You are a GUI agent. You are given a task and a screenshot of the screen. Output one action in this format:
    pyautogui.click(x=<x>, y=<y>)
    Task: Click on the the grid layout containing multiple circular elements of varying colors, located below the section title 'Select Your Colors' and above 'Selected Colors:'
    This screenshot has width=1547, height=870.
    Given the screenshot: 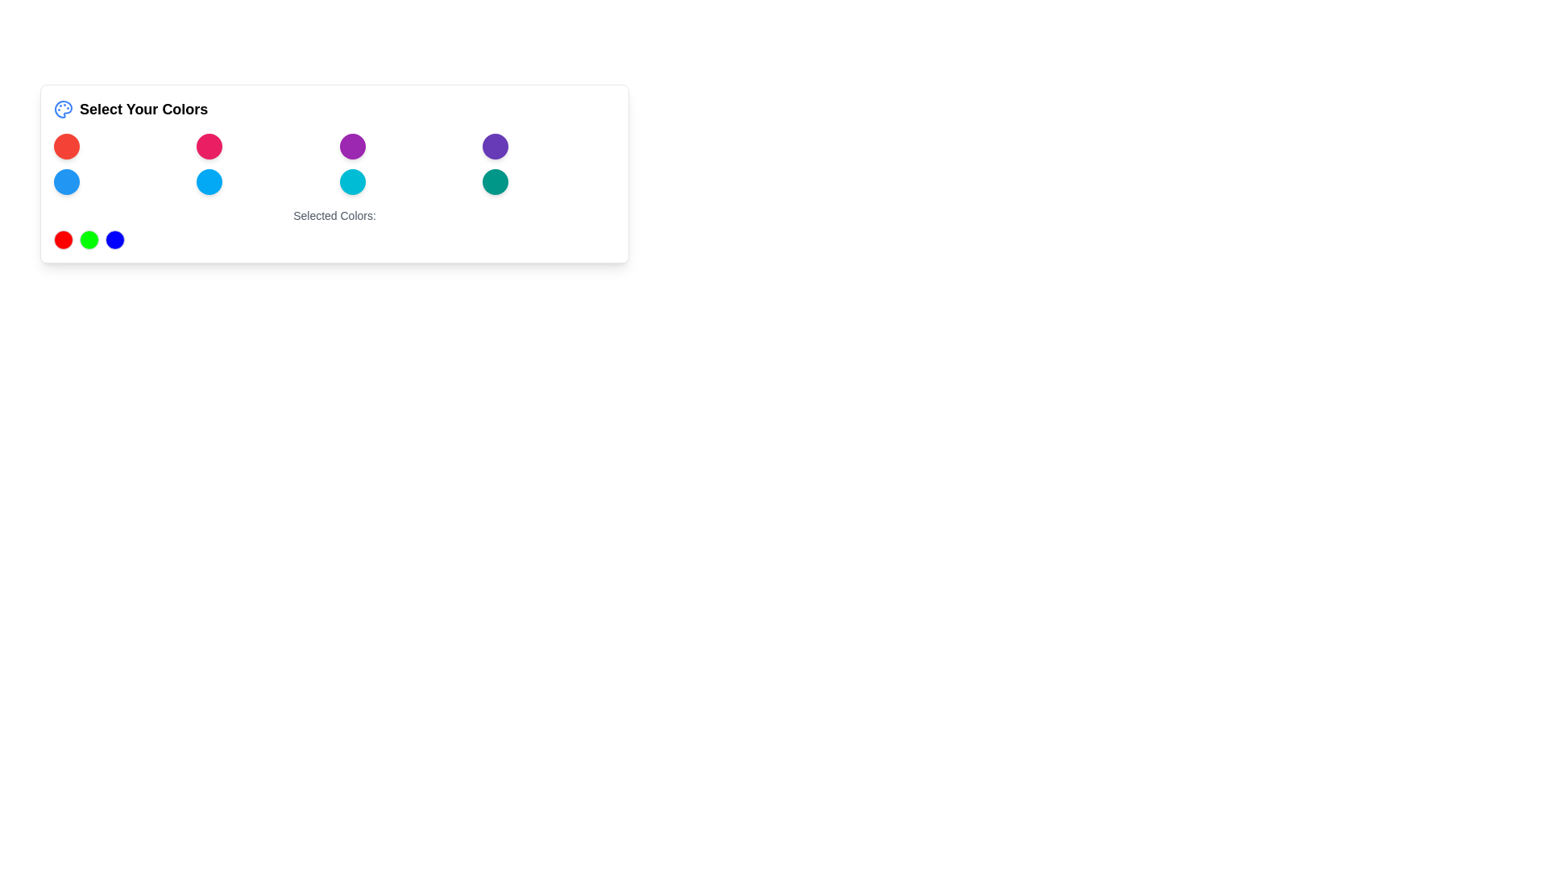 What is the action you would take?
    pyautogui.click(x=334, y=164)
    